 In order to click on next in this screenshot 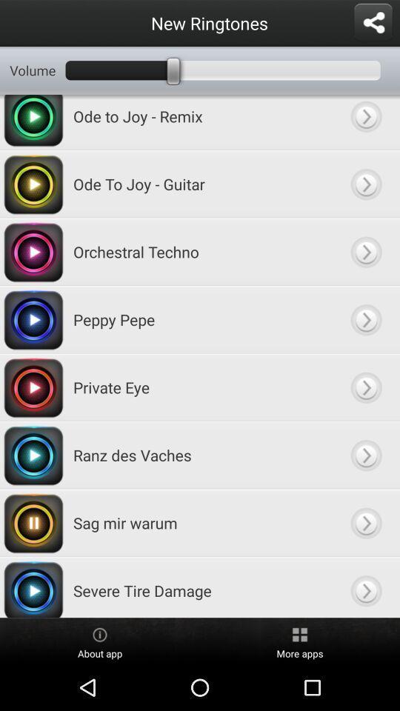, I will do `click(365, 523)`.